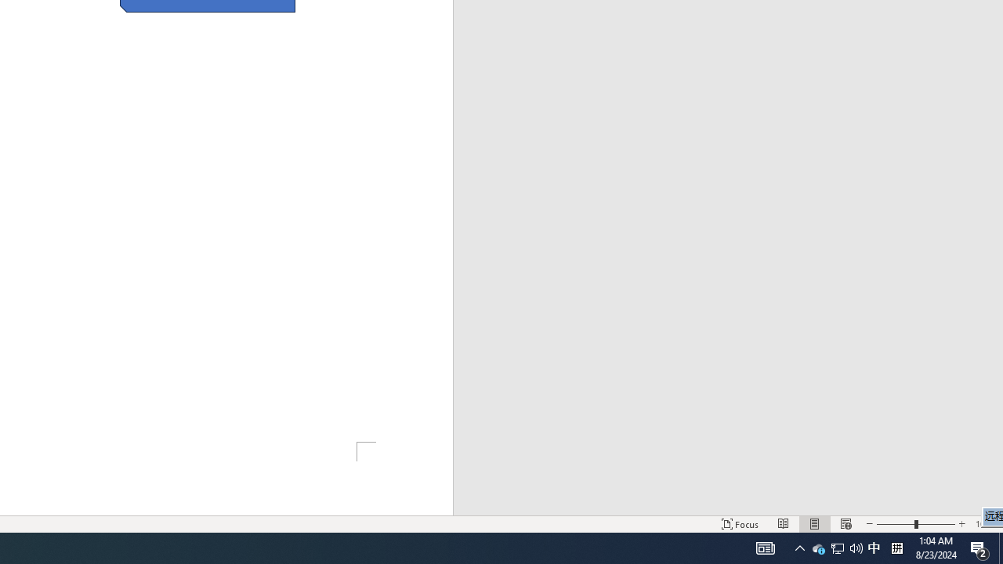  What do you see at coordinates (985, 524) in the screenshot?
I see `'Zoom 104%'` at bounding box center [985, 524].